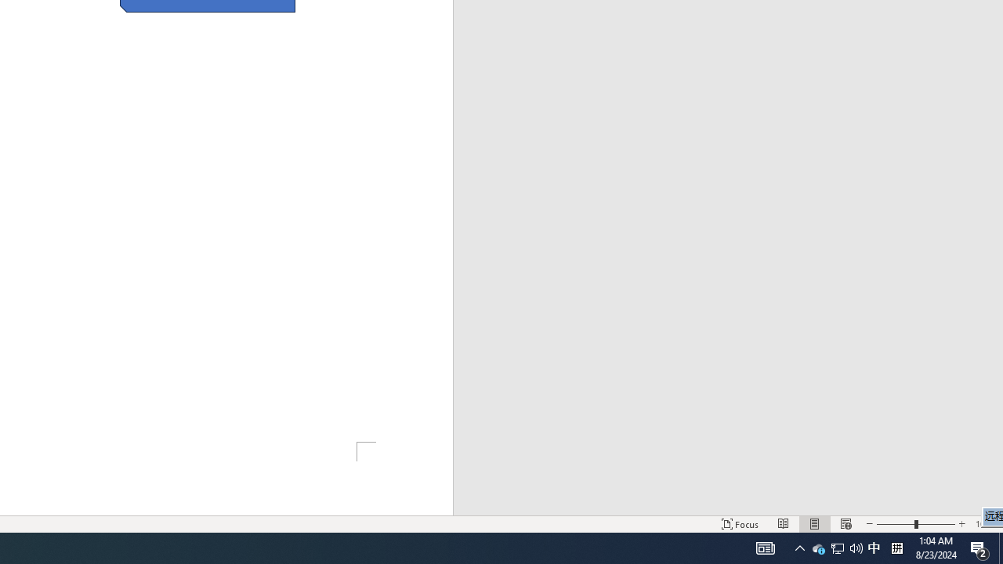  What do you see at coordinates (985, 524) in the screenshot?
I see `'Zoom 104%'` at bounding box center [985, 524].